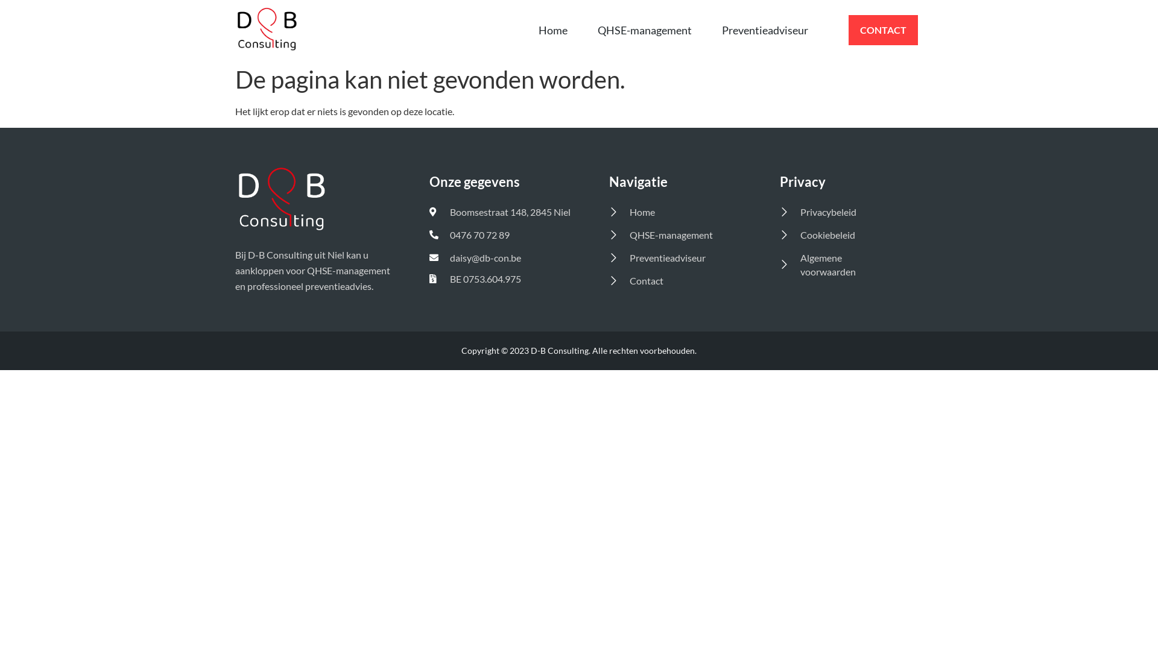 Image resolution: width=1158 pixels, height=651 pixels. Describe the element at coordinates (677, 280) in the screenshot. I see `'Contact'` at that location.